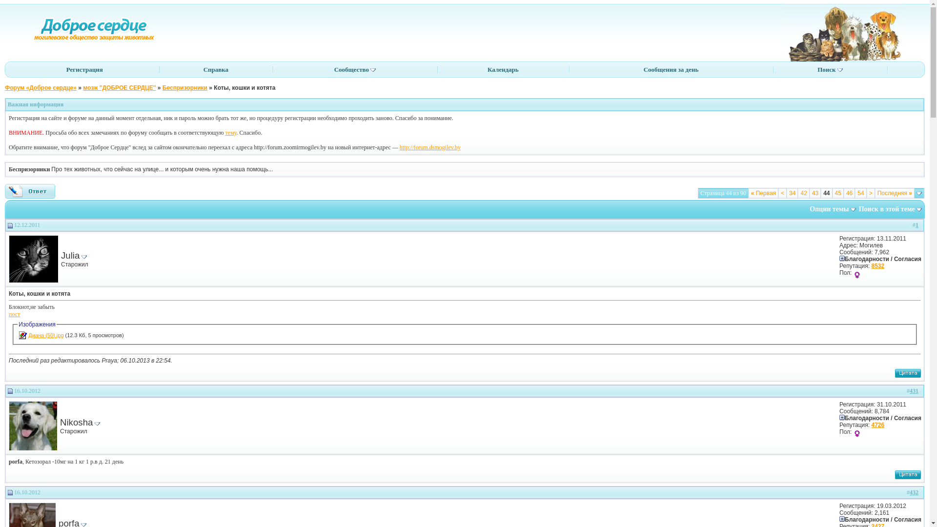 The height and width of the screenshot is (527, 937). Describe the element at coordinates (803, 193) in the screenshot. I see `'42'` at that location.